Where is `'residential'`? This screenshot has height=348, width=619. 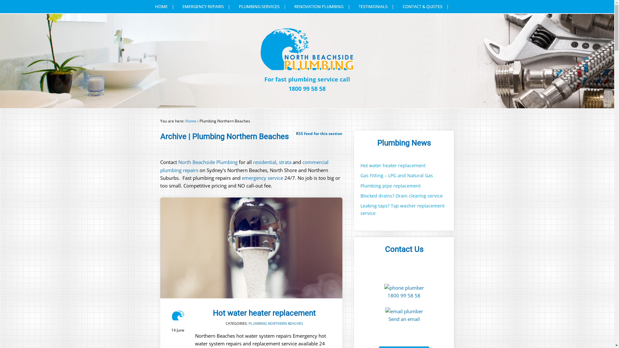
'residential' is located at coordinates (264, 161).